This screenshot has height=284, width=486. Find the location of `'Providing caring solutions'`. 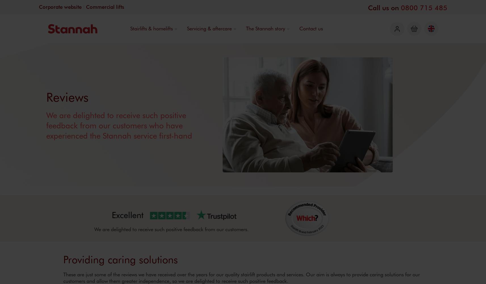

'Providing caring solutions' is located at coordinates (120, 259).